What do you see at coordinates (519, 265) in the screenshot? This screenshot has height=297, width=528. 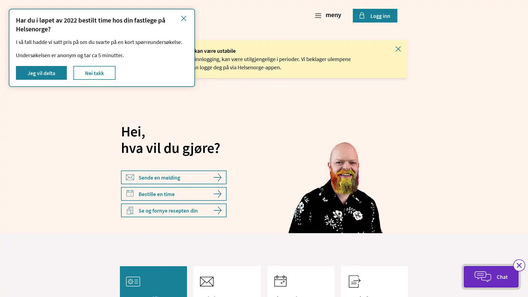 I see `Fjern chat` at bounding box center [519, 265].